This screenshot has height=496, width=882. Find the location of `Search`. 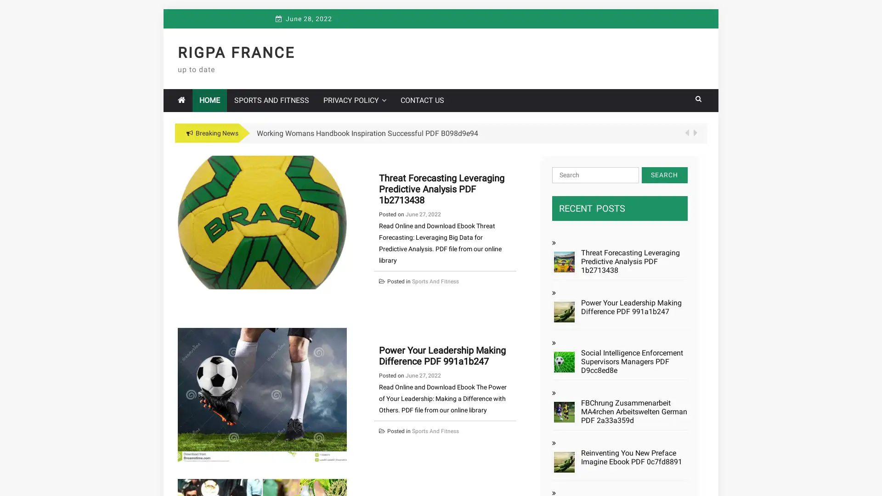

Search is located at coordinates (664, 175).